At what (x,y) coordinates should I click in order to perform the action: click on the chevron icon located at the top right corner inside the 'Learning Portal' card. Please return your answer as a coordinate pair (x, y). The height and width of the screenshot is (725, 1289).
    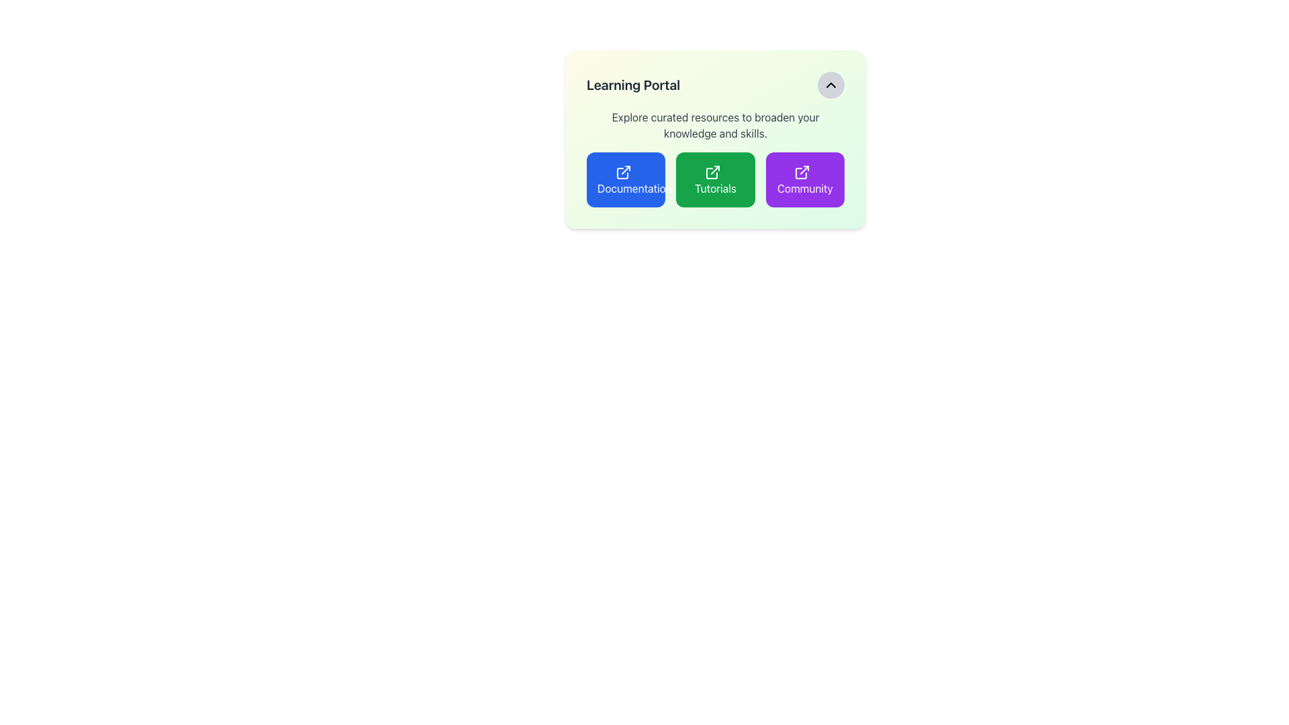
    Looking at the image, I should click on (830, 85).